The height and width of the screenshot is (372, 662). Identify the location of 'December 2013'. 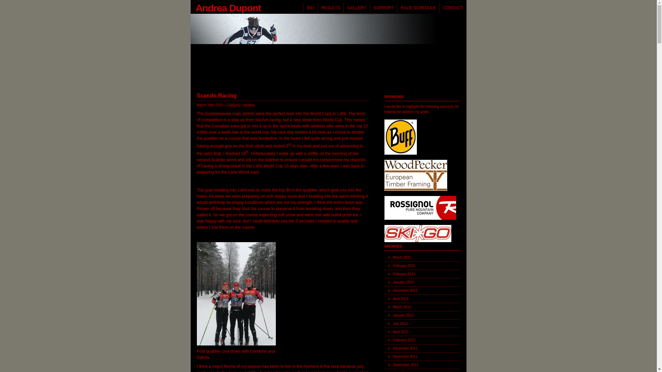
(383, 291).